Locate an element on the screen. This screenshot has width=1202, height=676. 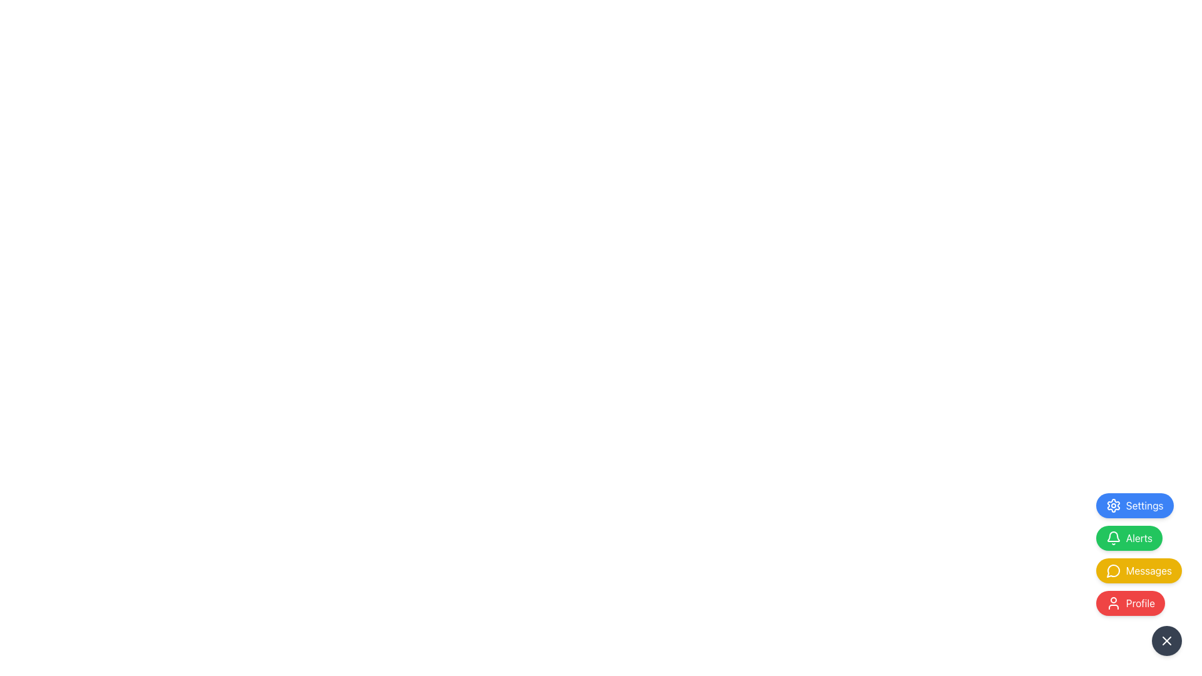
the user profile silhouette icon, which is located inside a red circular background at the bottom of the vertical stack of buttons including 'Settings,' 'Alerts,' 'Messages,' and 'Profile.' is located at coordinates (1113, 603).